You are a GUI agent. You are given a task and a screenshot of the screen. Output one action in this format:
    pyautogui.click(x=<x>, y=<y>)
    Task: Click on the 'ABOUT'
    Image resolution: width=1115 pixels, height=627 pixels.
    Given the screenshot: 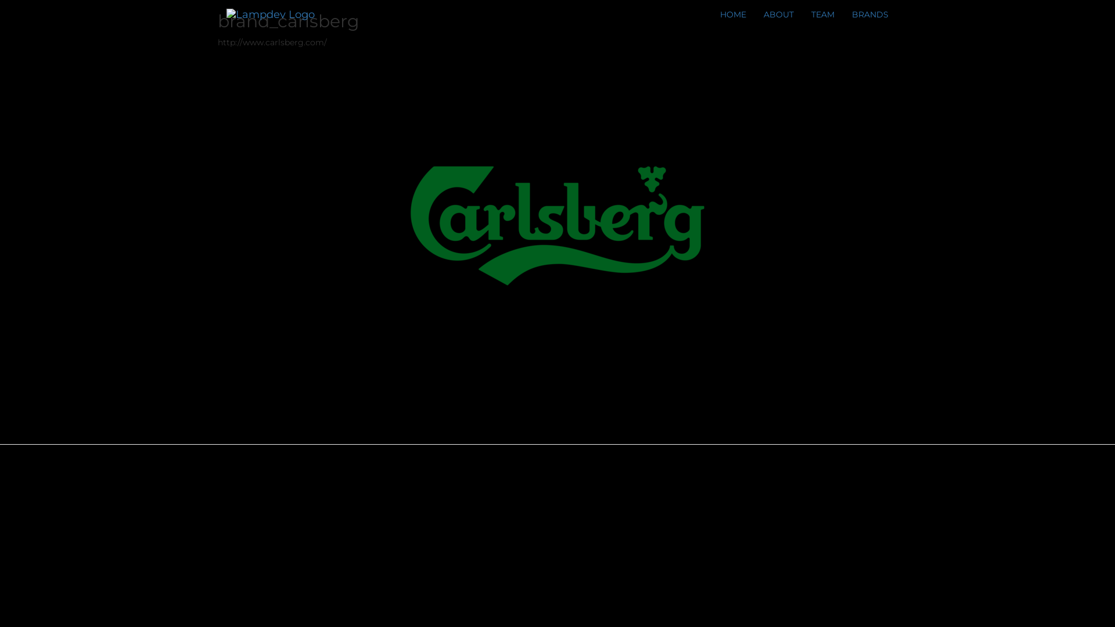 What is the action you would take?
    pyautogui.click(x=778, y=14)
    